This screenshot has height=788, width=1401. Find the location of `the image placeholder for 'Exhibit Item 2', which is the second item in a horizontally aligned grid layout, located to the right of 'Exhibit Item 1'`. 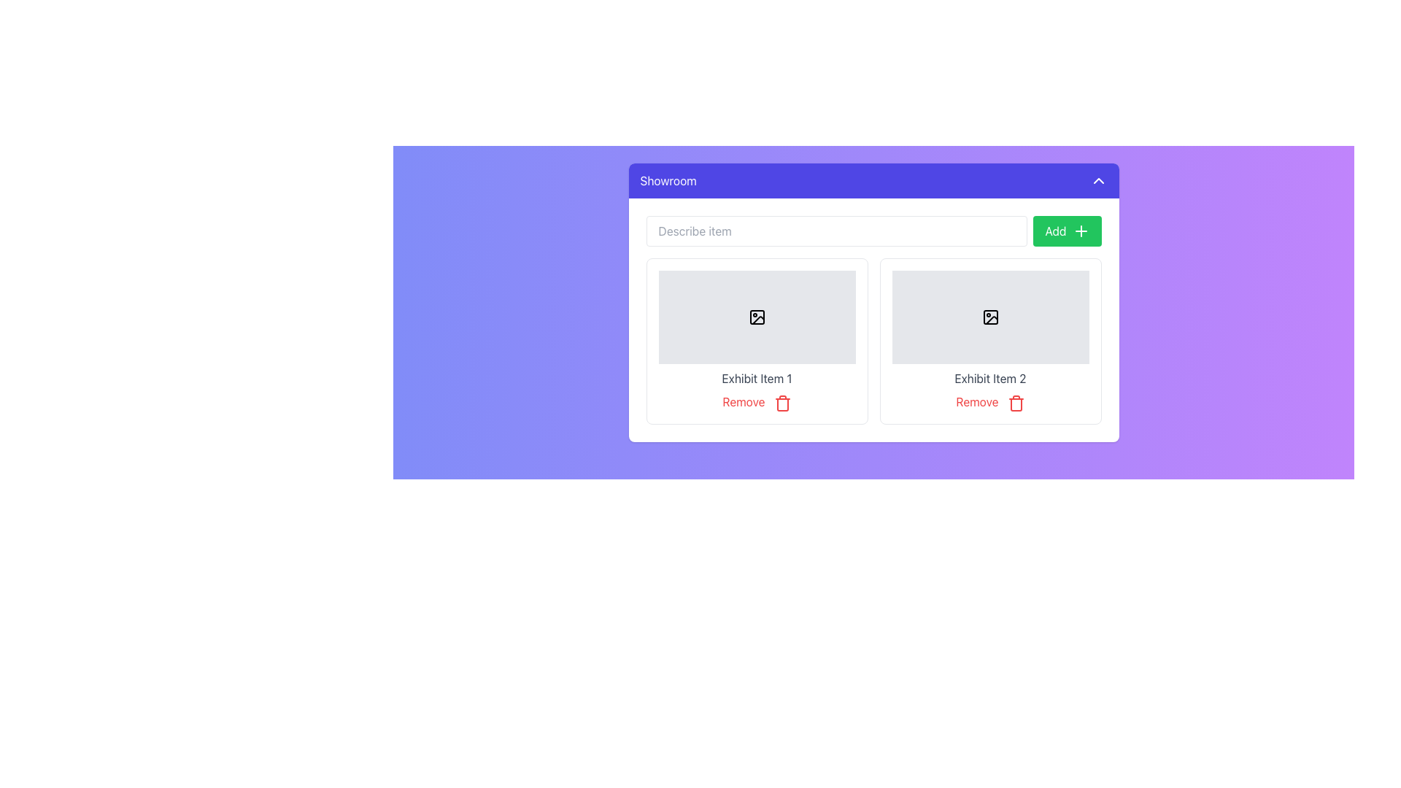

the image placeholder for 'Exhibit Item 2', which is the second item in a horizontally aligned grid layout, located to the right of 'Exhibit Item 1' is located at coordinates (990, 317).